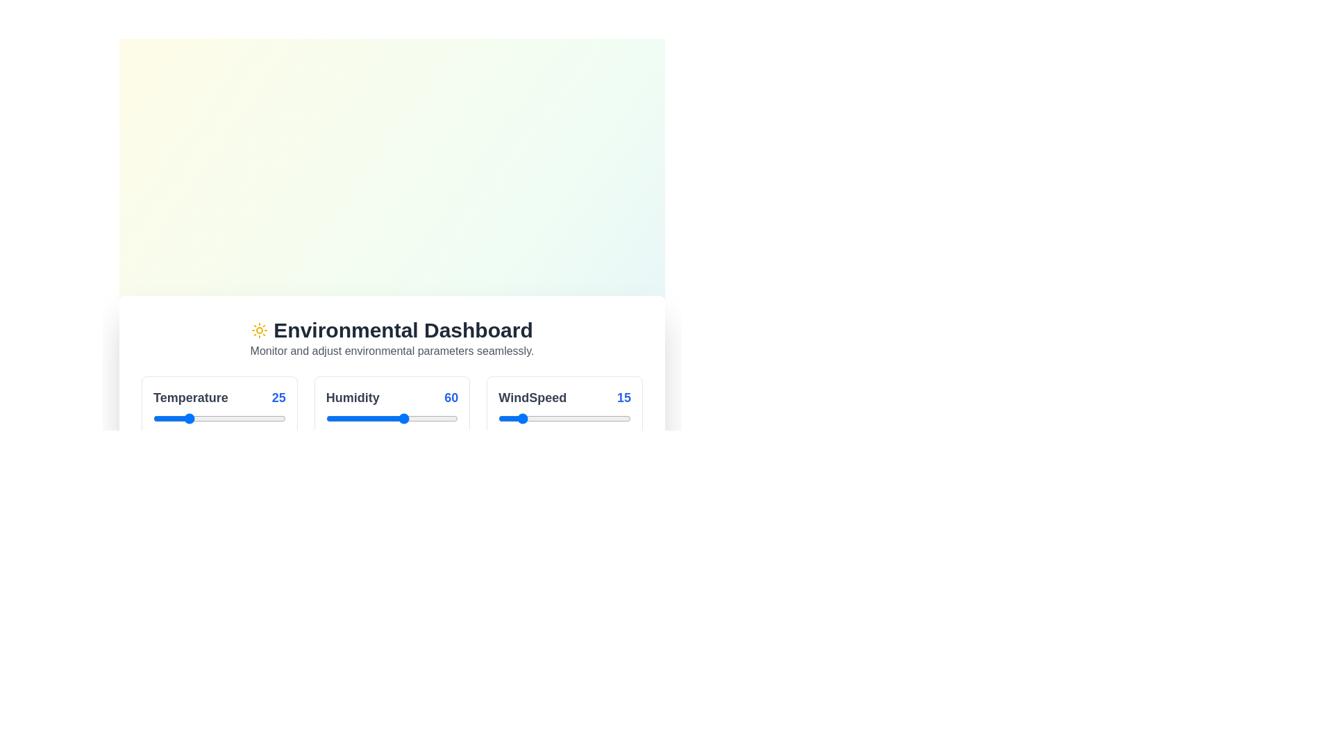 The height and width of the screenshot is (750, 1333). I want to click on the temperature, so click(183, 417).